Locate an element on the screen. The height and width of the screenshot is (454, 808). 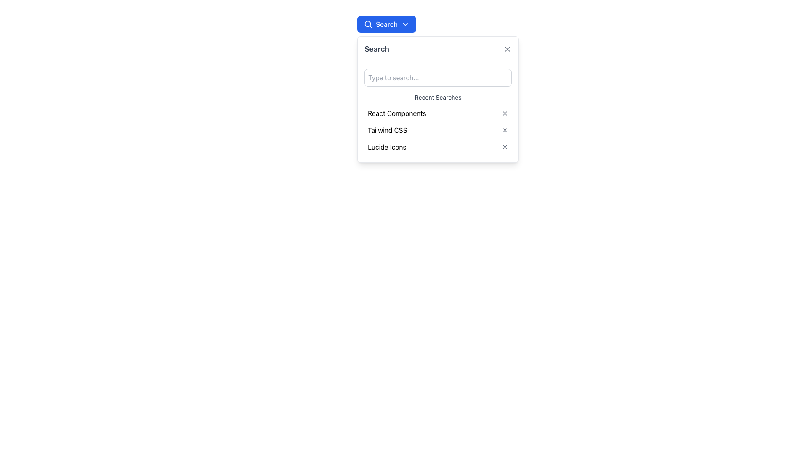
the close icon button located at the top-right corner of the search modal header is located at coordinates (507, 49).